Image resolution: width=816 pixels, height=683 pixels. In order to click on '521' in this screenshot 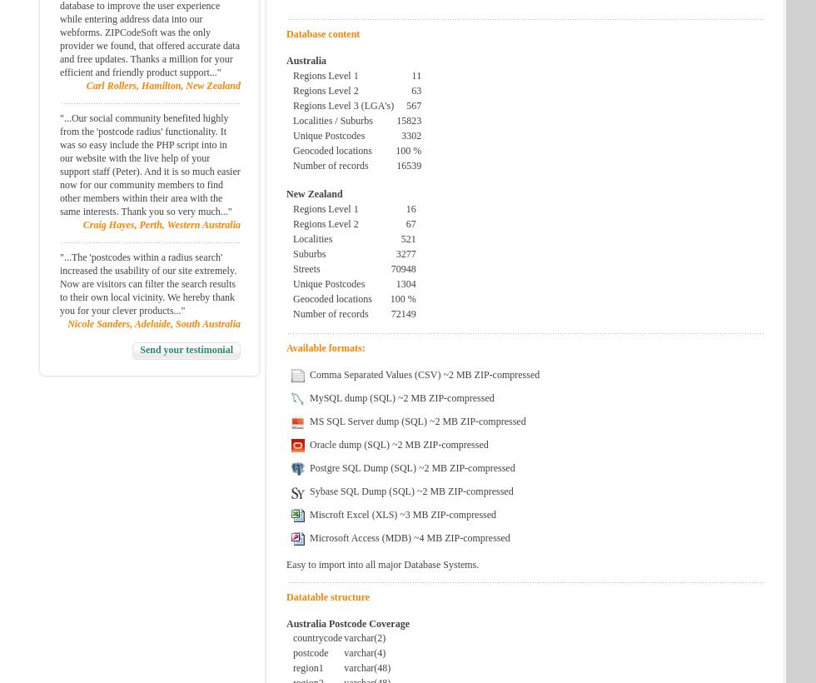, I will do `click(408, 238)`.